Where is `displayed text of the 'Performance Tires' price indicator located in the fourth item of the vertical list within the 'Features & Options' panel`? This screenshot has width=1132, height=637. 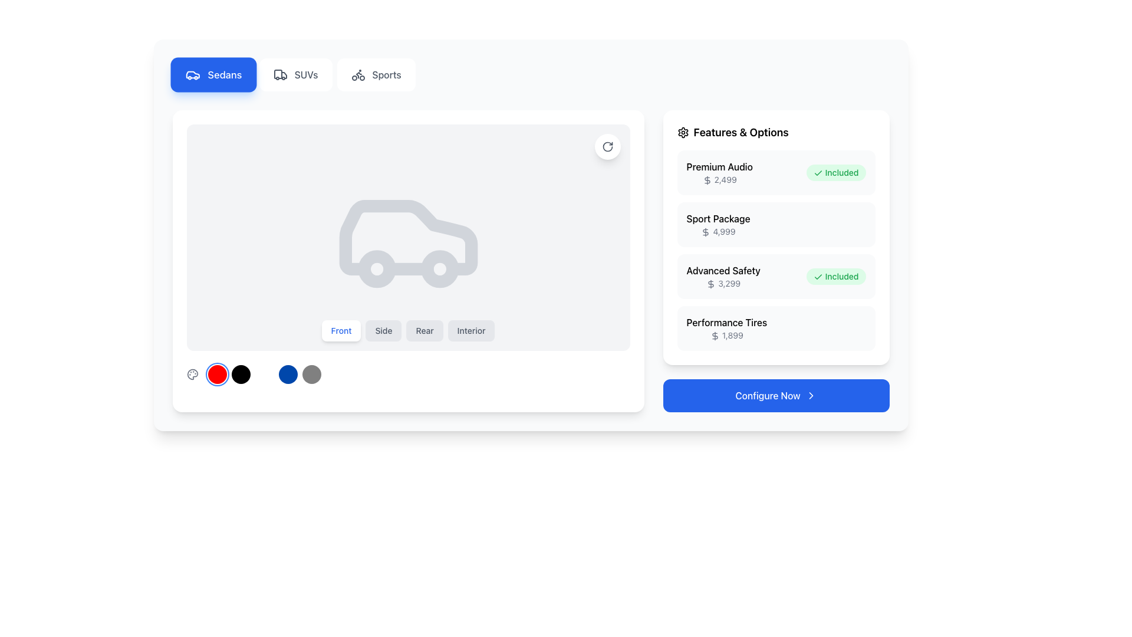
displayed text of the 'Performance Tires' price indicator located in the fourth item of the vertical list within the 'Features & Options' panel is located at coordinates (726, 328).